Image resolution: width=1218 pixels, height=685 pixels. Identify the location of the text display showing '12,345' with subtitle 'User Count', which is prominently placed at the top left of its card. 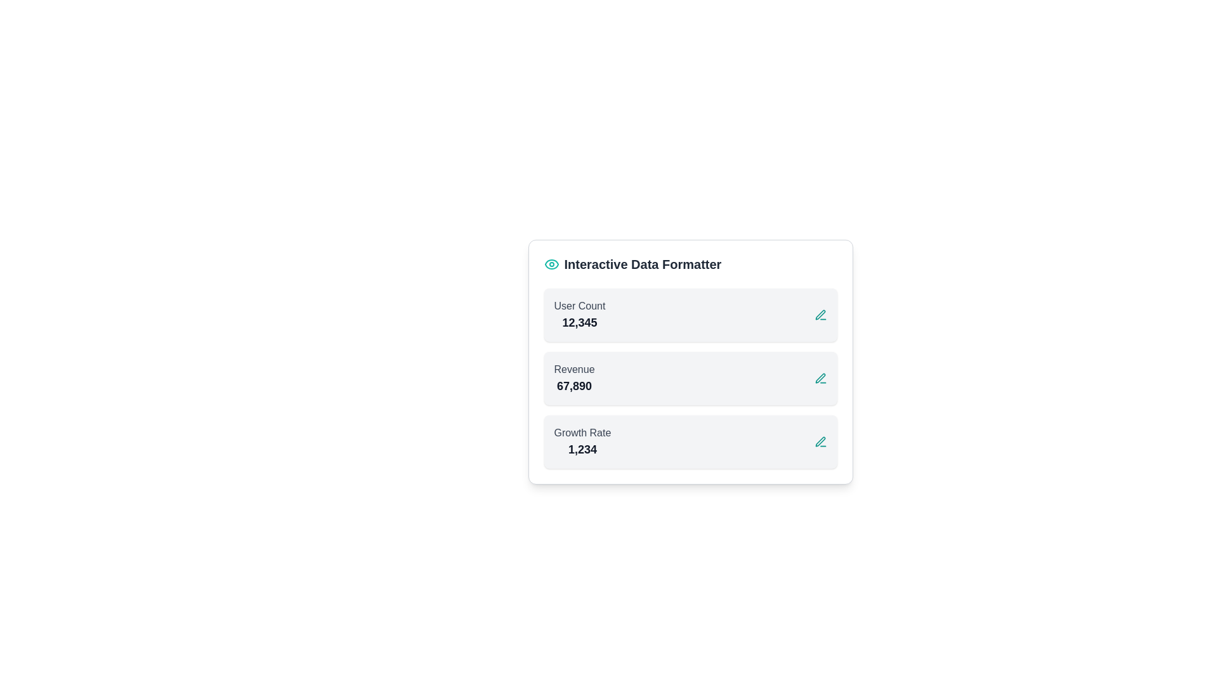
(579, 315).